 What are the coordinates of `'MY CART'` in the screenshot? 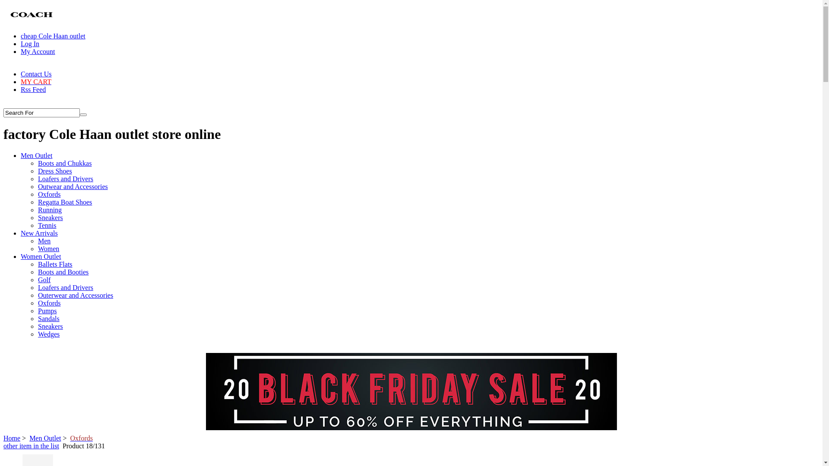 It's located at (35, 82).